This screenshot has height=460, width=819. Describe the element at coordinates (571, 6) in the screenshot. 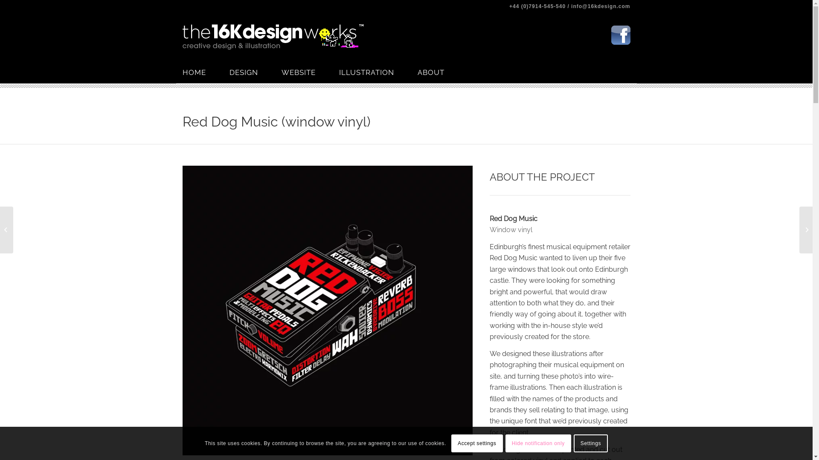

I see `'info@16kdesign.com'` at that location.